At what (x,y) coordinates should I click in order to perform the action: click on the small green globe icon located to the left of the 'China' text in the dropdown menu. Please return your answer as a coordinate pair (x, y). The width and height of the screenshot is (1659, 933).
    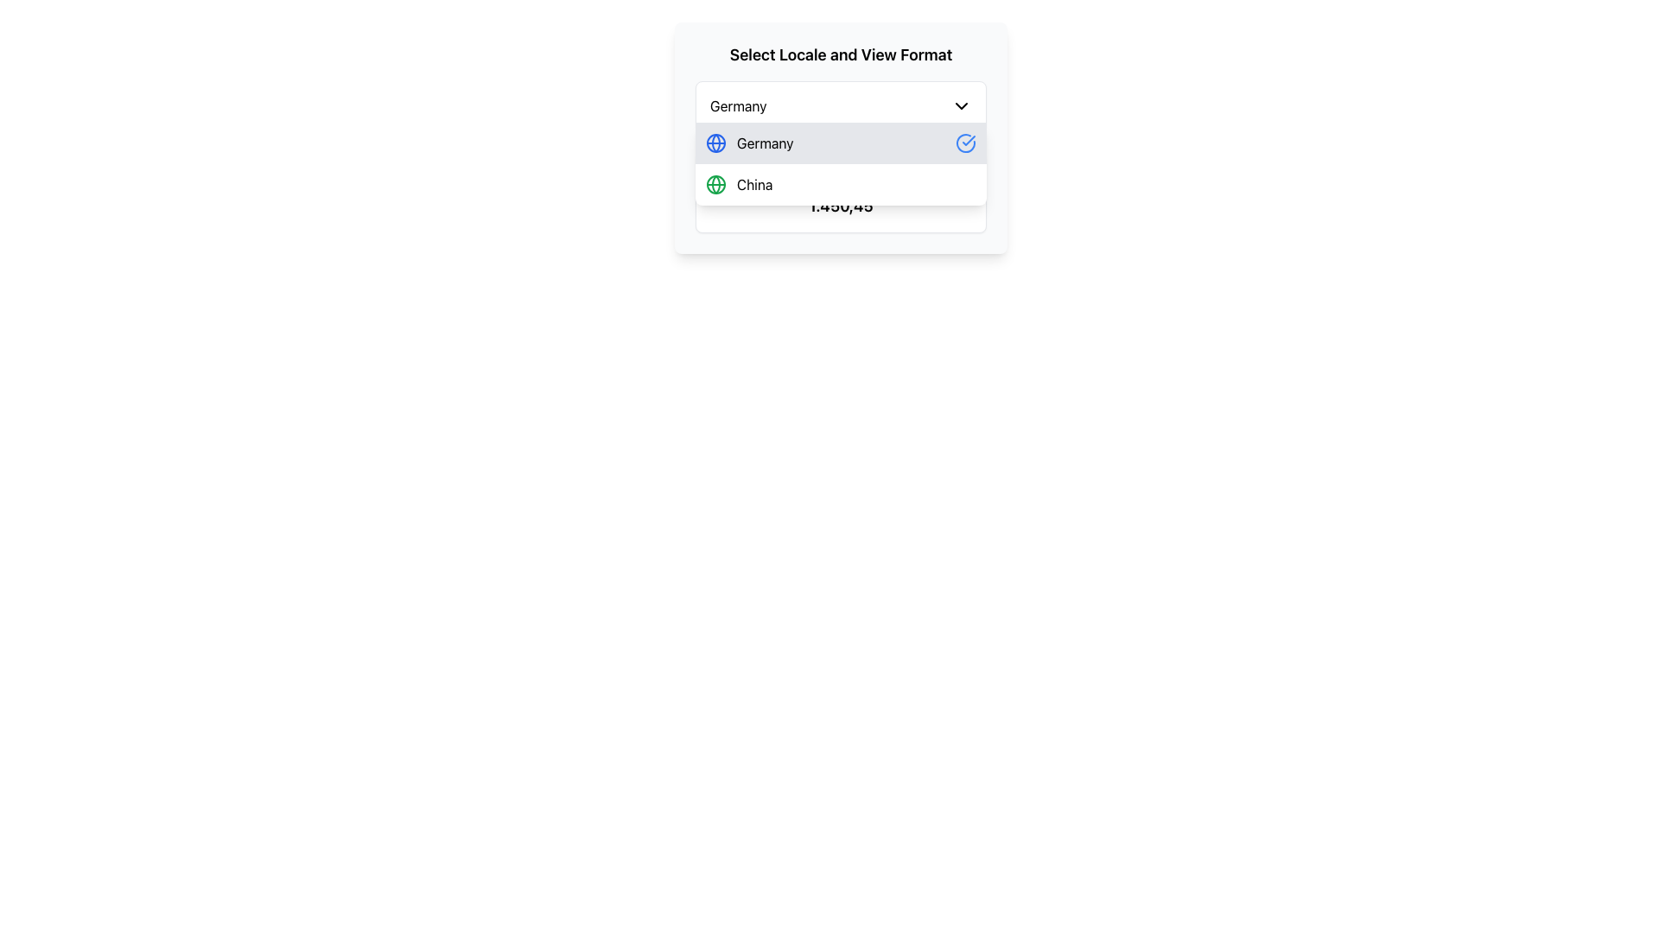
    Looking at the image, I should click on (716, 184).